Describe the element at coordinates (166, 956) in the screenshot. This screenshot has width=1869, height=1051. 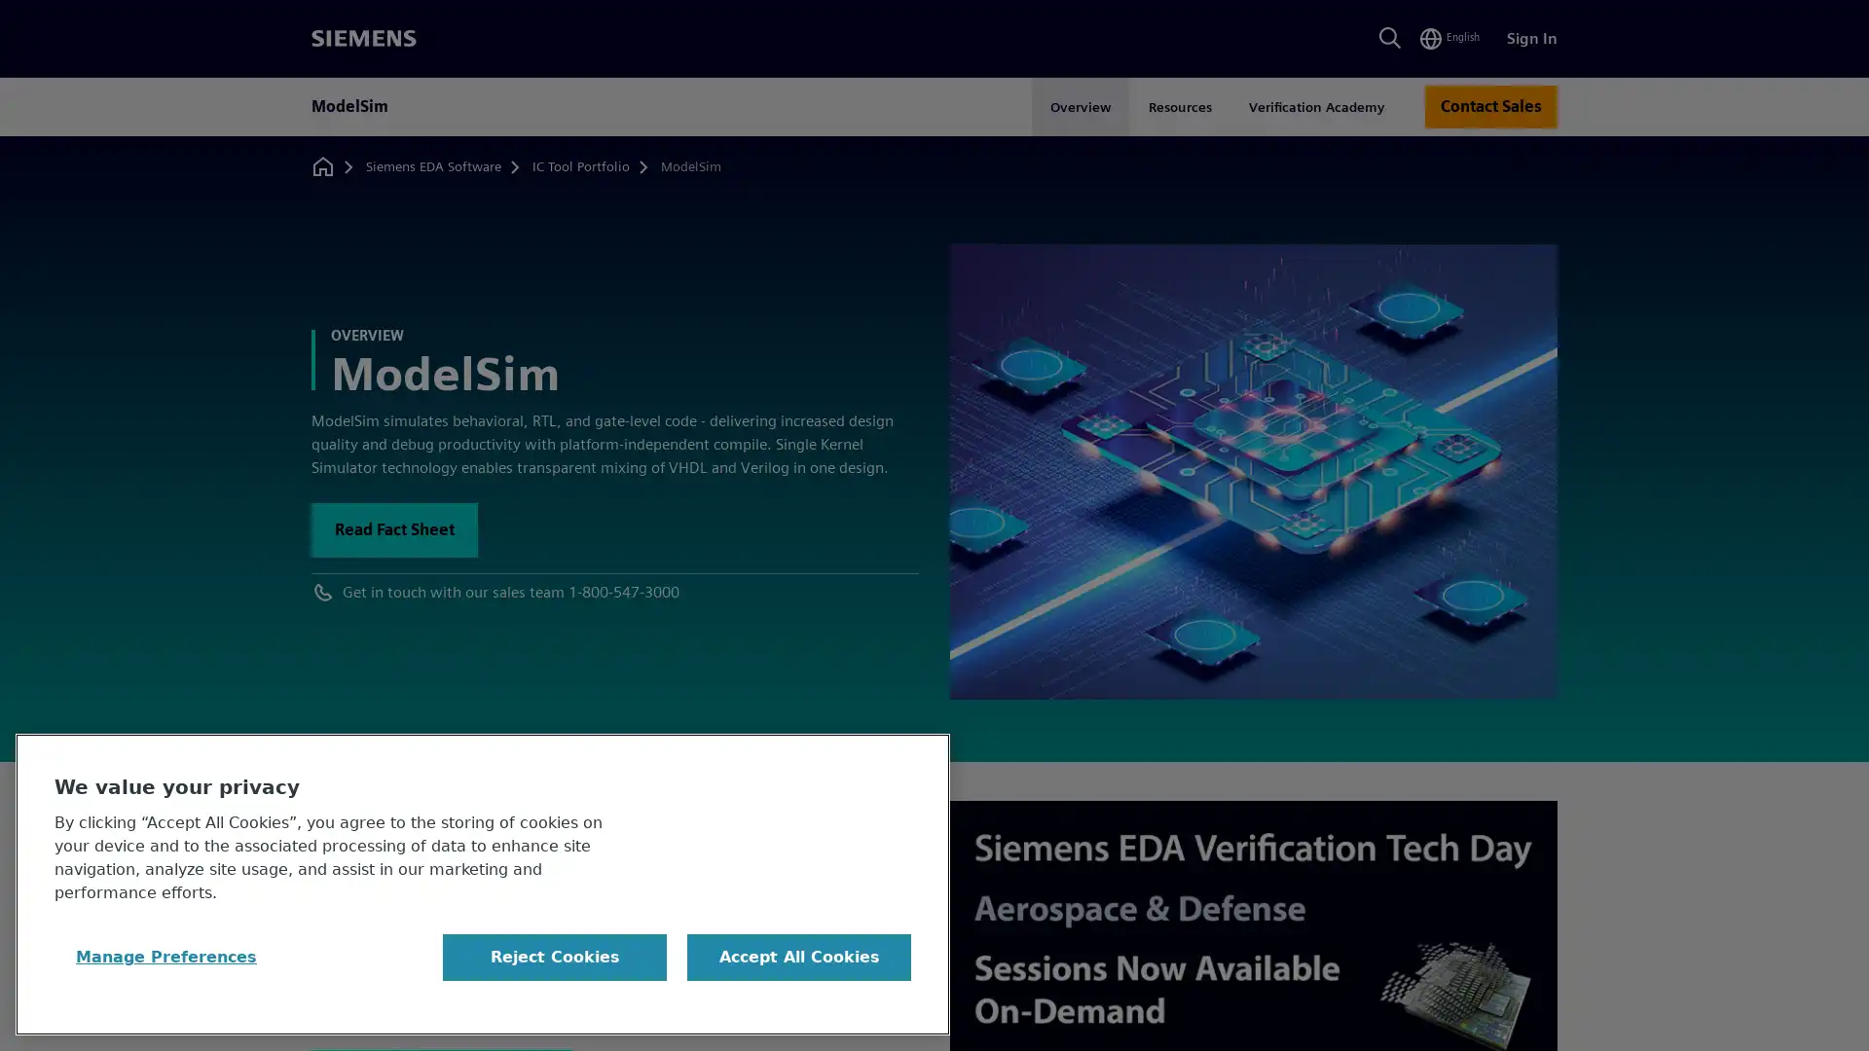
I see `Manage Preferences` at that location.